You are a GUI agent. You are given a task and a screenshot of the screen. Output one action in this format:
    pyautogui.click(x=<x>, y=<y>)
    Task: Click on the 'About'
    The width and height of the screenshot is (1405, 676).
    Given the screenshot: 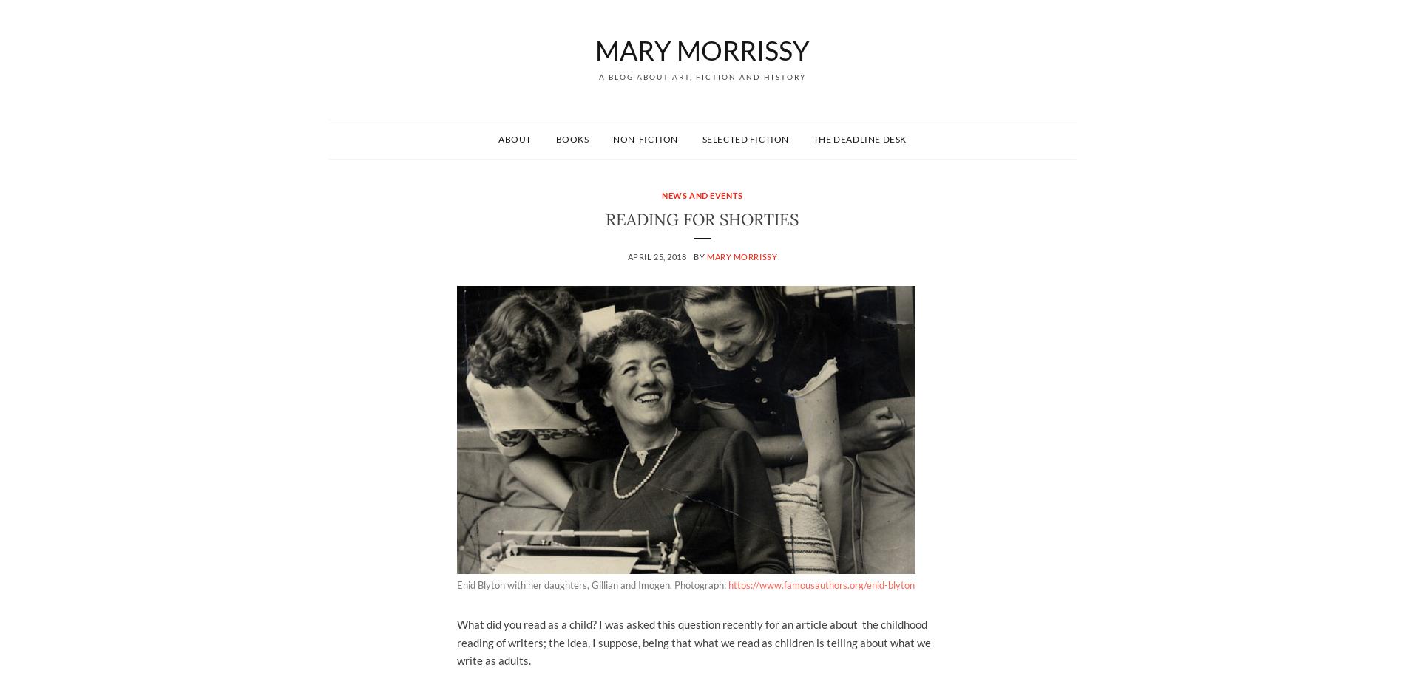 What is the action you would take?
    pyautogui.click(x=515, y=138)
    